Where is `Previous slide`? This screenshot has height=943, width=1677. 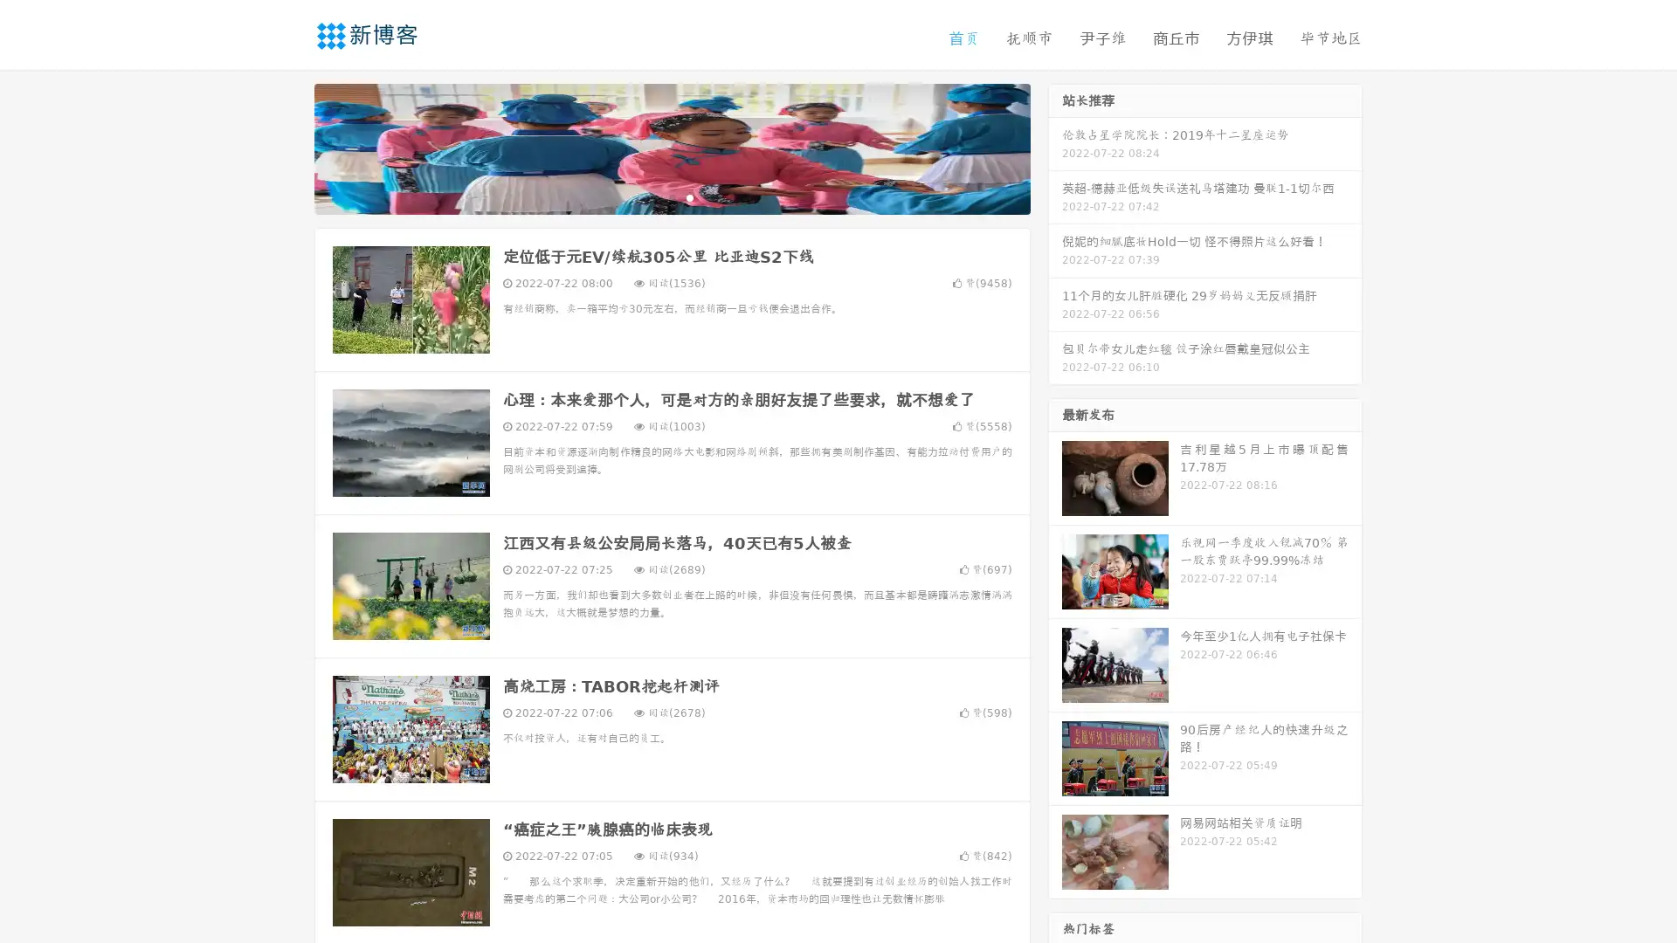 Previous slide is located at coordinates (288, 147).